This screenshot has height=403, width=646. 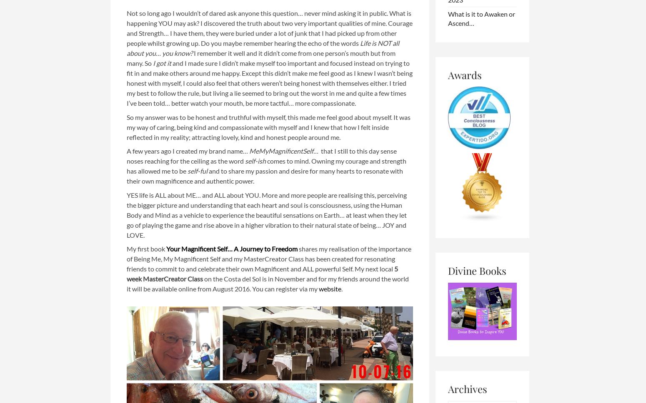 What do you see at coordinates (266, 214) in the screenshot?
I see `'YES life is ALL about ME… and ALL about YOU. More and more people are realising this, perceiving the bigger picture and understanding that each heart and soul is consciousness, using the Human Body and Mind as a vehicle to experience the beautiful sensations on Earth… at least when they let go of playing the game and rise above in a higher vibration to their natural state of being… JOY and LOVE.'` at bounding box center [266, 214].